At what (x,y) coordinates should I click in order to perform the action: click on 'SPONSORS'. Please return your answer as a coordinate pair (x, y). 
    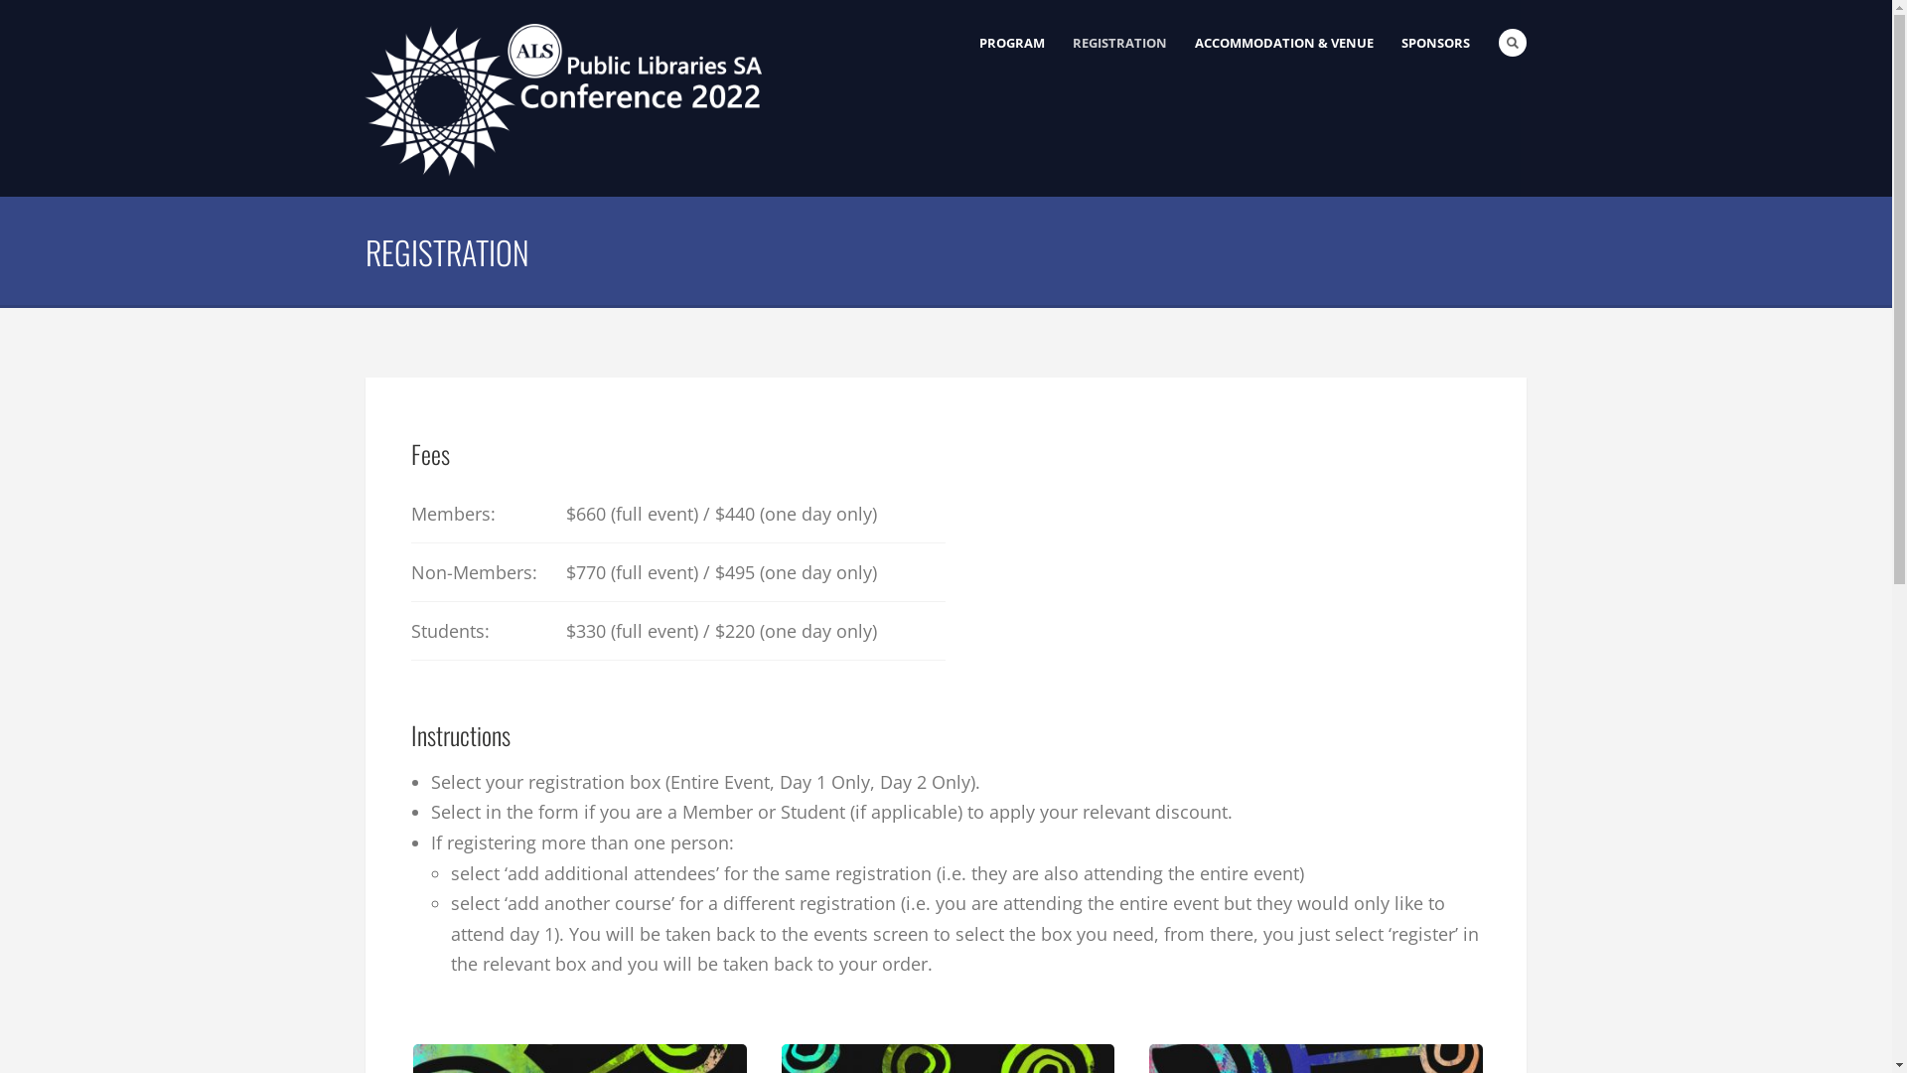
    Looking at the image, I should click on (1435, 42).